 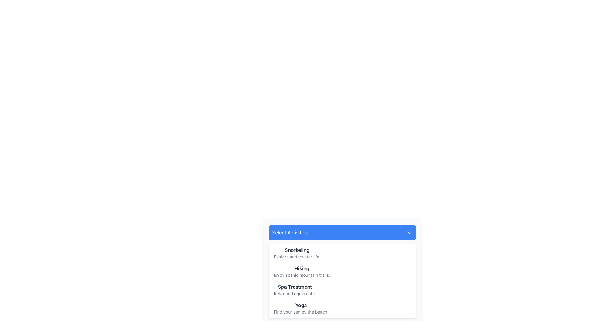 What do you see at coordinates (342, 271) in the screenshot?
I see `the second selectable option in the dropdown list titled 'Select Activities' that allows the user to choose 'Hiking' as an activity` at bounding box center [342, 271].